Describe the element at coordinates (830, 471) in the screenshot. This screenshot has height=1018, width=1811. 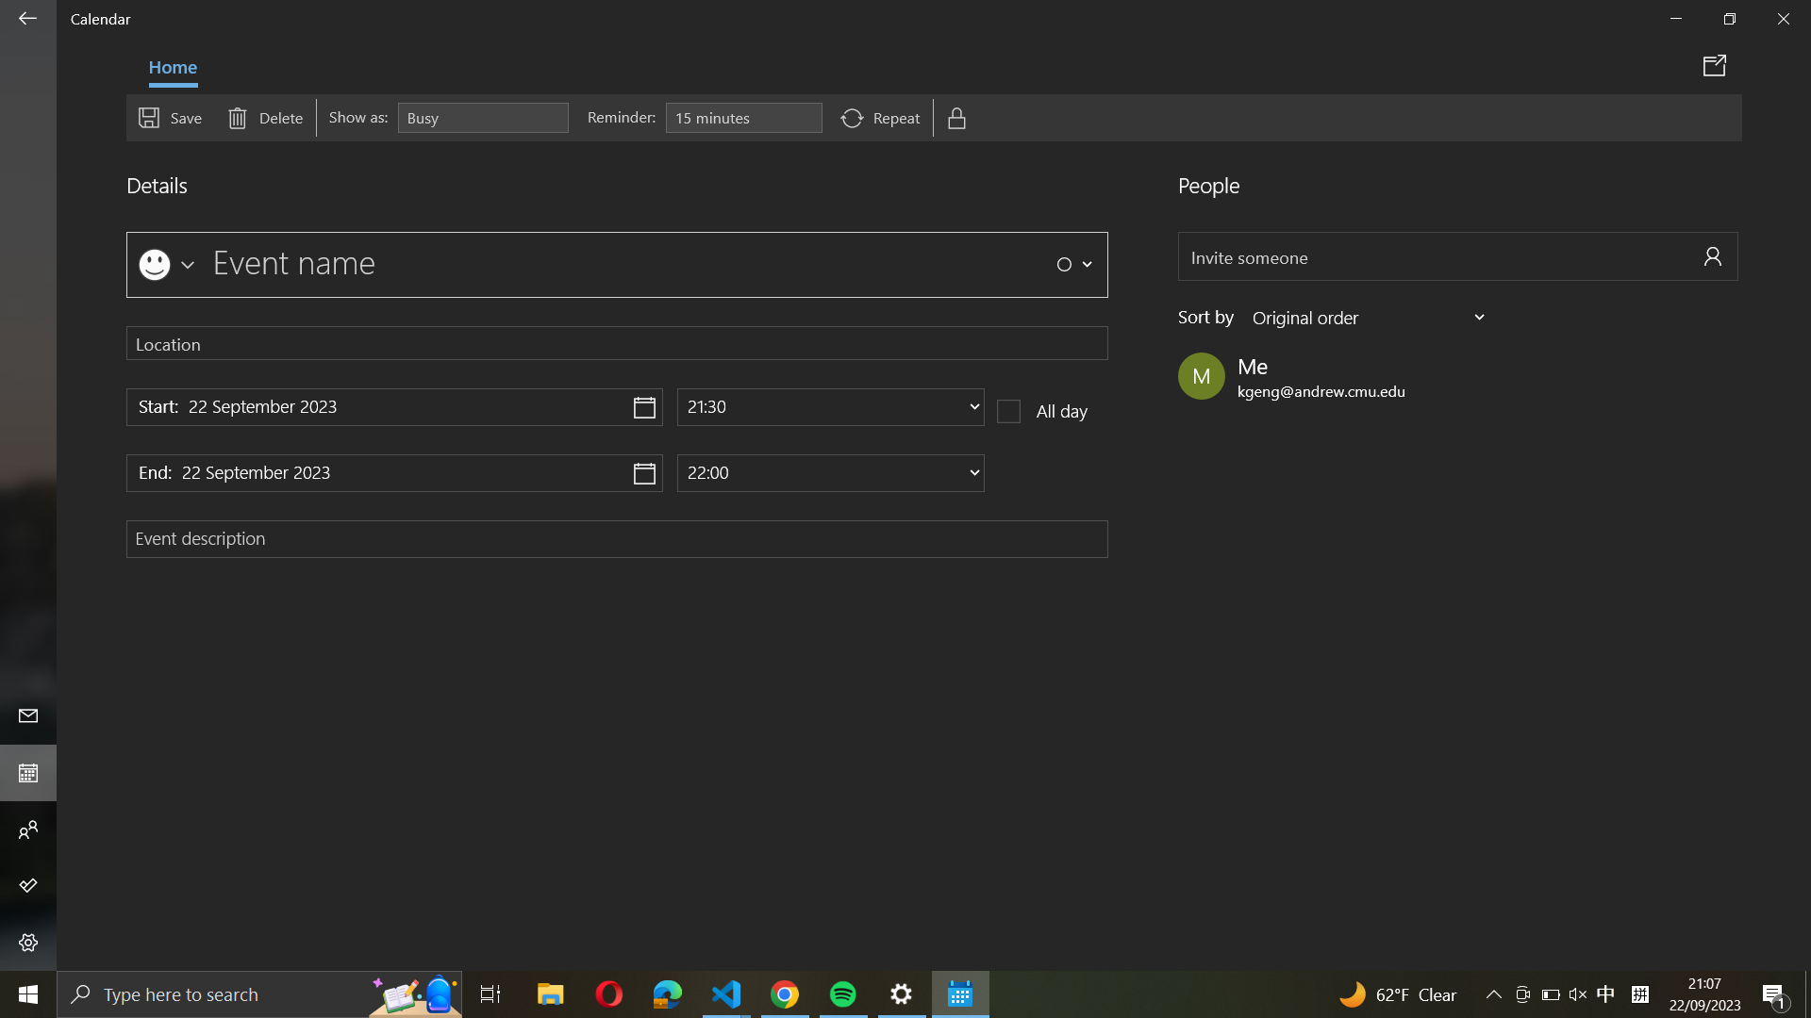
I see `Change the end time of the event to 7 PM` at that location.